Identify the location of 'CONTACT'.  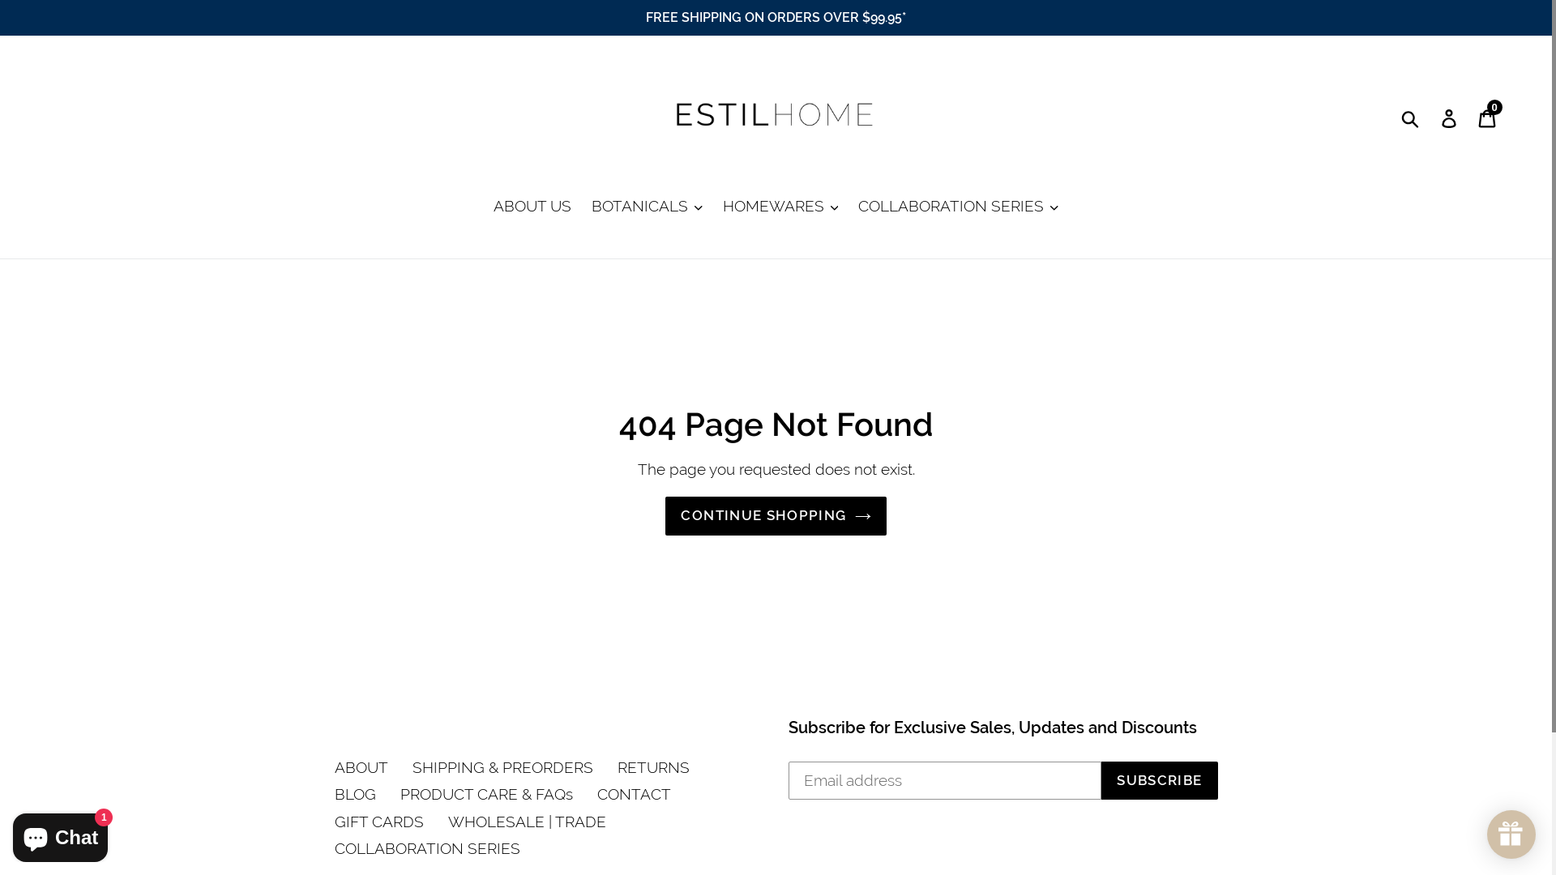
(595, 792).